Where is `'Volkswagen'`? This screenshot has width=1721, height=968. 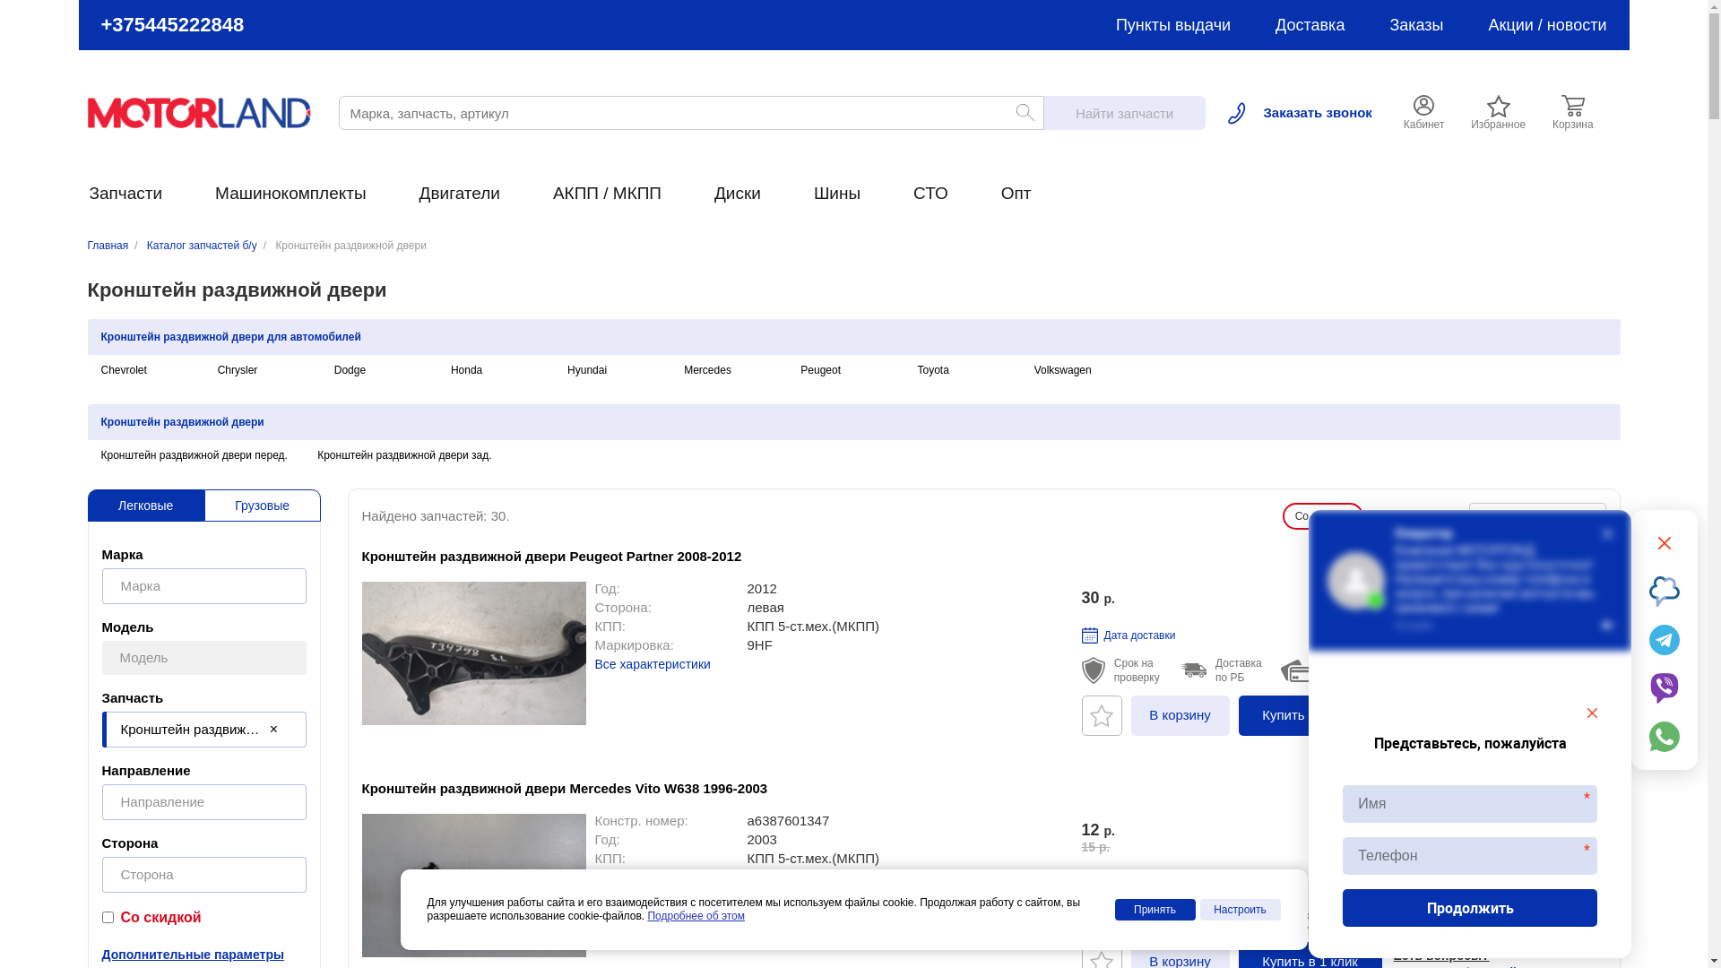
'Volkswagen' is located at coordinates (1062, 368).